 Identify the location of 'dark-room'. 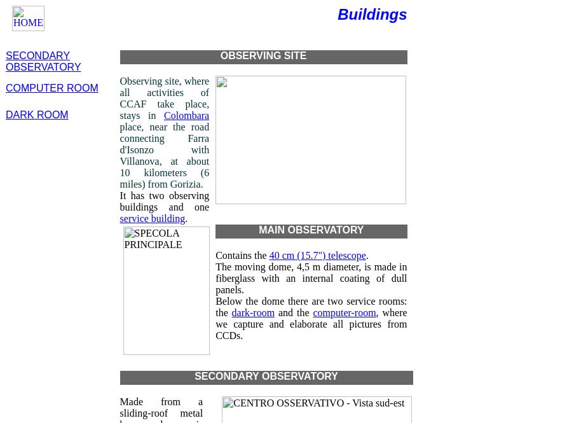
(252, 312).